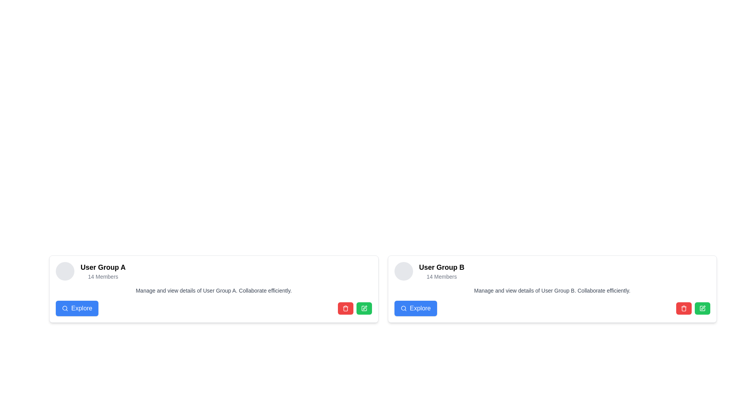 Image resolution: width=744 pixels, height=418 pixels. I want to click on the text label displaying '14 Members' located below the header 'User Group B' in the right section of a card layout, so click(442, 276).